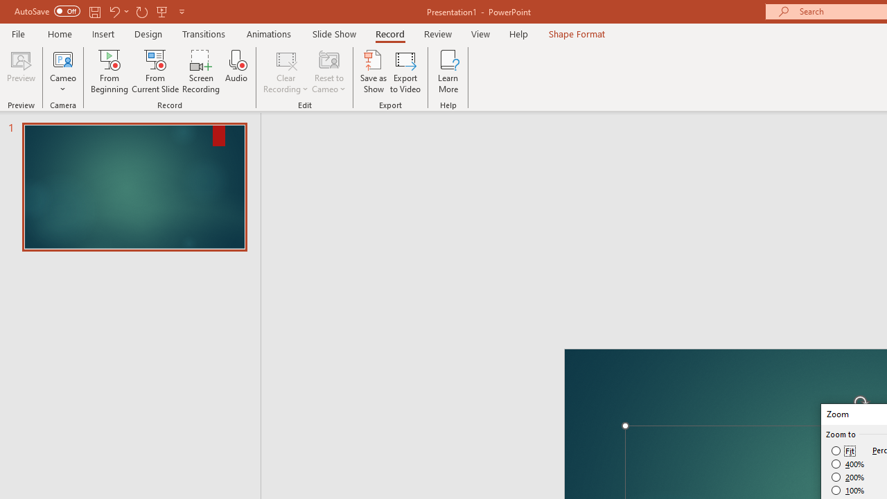 This screenshot has height=499, width=887. What do you see at coordinates (109, 71) in the screenshot?
I see `'From Beginning...'` at bounding box center [109, 71].